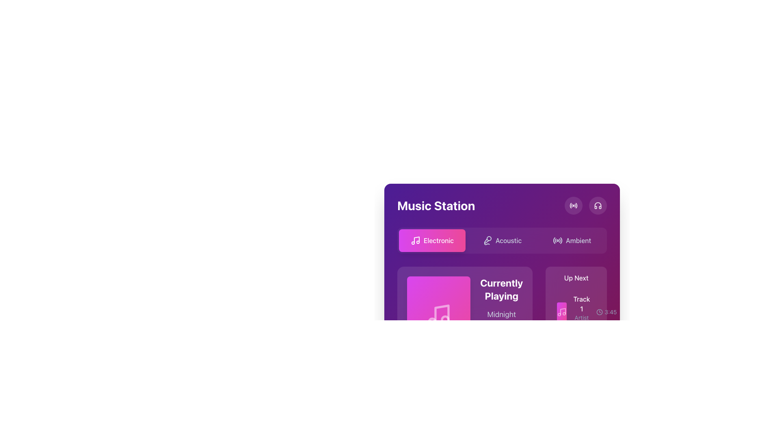  What do you see at coordinates (600, 311) in the screenshot?
I see `the outer border of the clock icon located in the upper right corner of the interface` at bounding box center [600, 311].